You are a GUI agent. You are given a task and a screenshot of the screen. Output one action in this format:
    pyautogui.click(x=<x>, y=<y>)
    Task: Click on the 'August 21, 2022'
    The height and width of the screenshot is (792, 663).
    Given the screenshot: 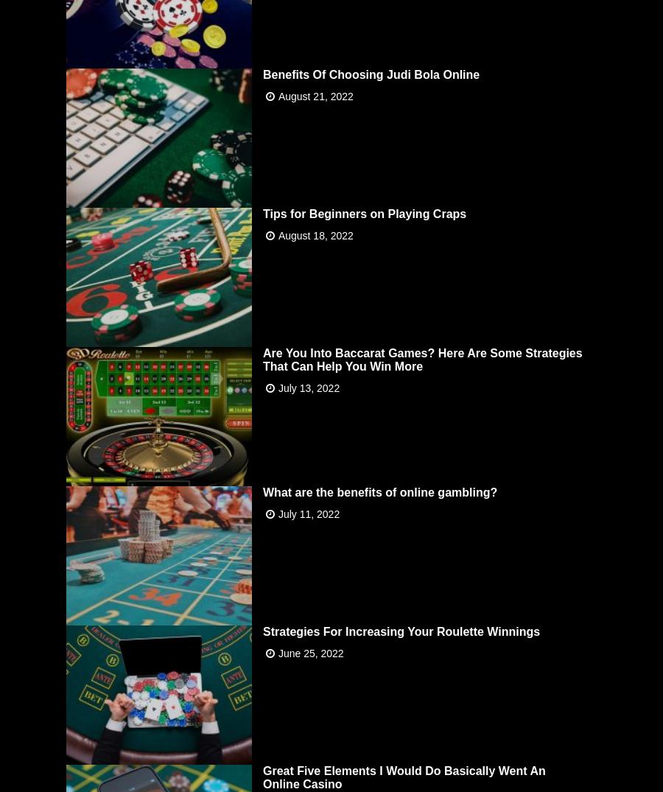 What is the action you would take?
    pyautogui.click(x=278, y=94)
    